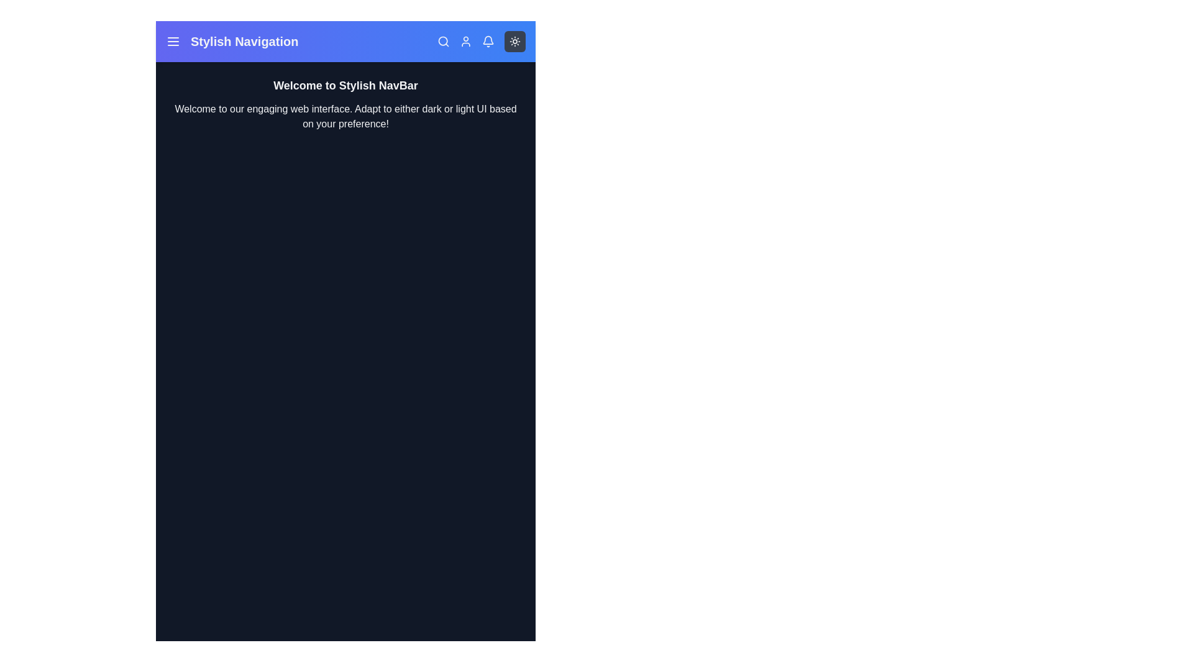  Describe the element at coordinates (515, 40) in the screenshot. I see `the dark/light mode toggle button in the navigation bar` at that location.